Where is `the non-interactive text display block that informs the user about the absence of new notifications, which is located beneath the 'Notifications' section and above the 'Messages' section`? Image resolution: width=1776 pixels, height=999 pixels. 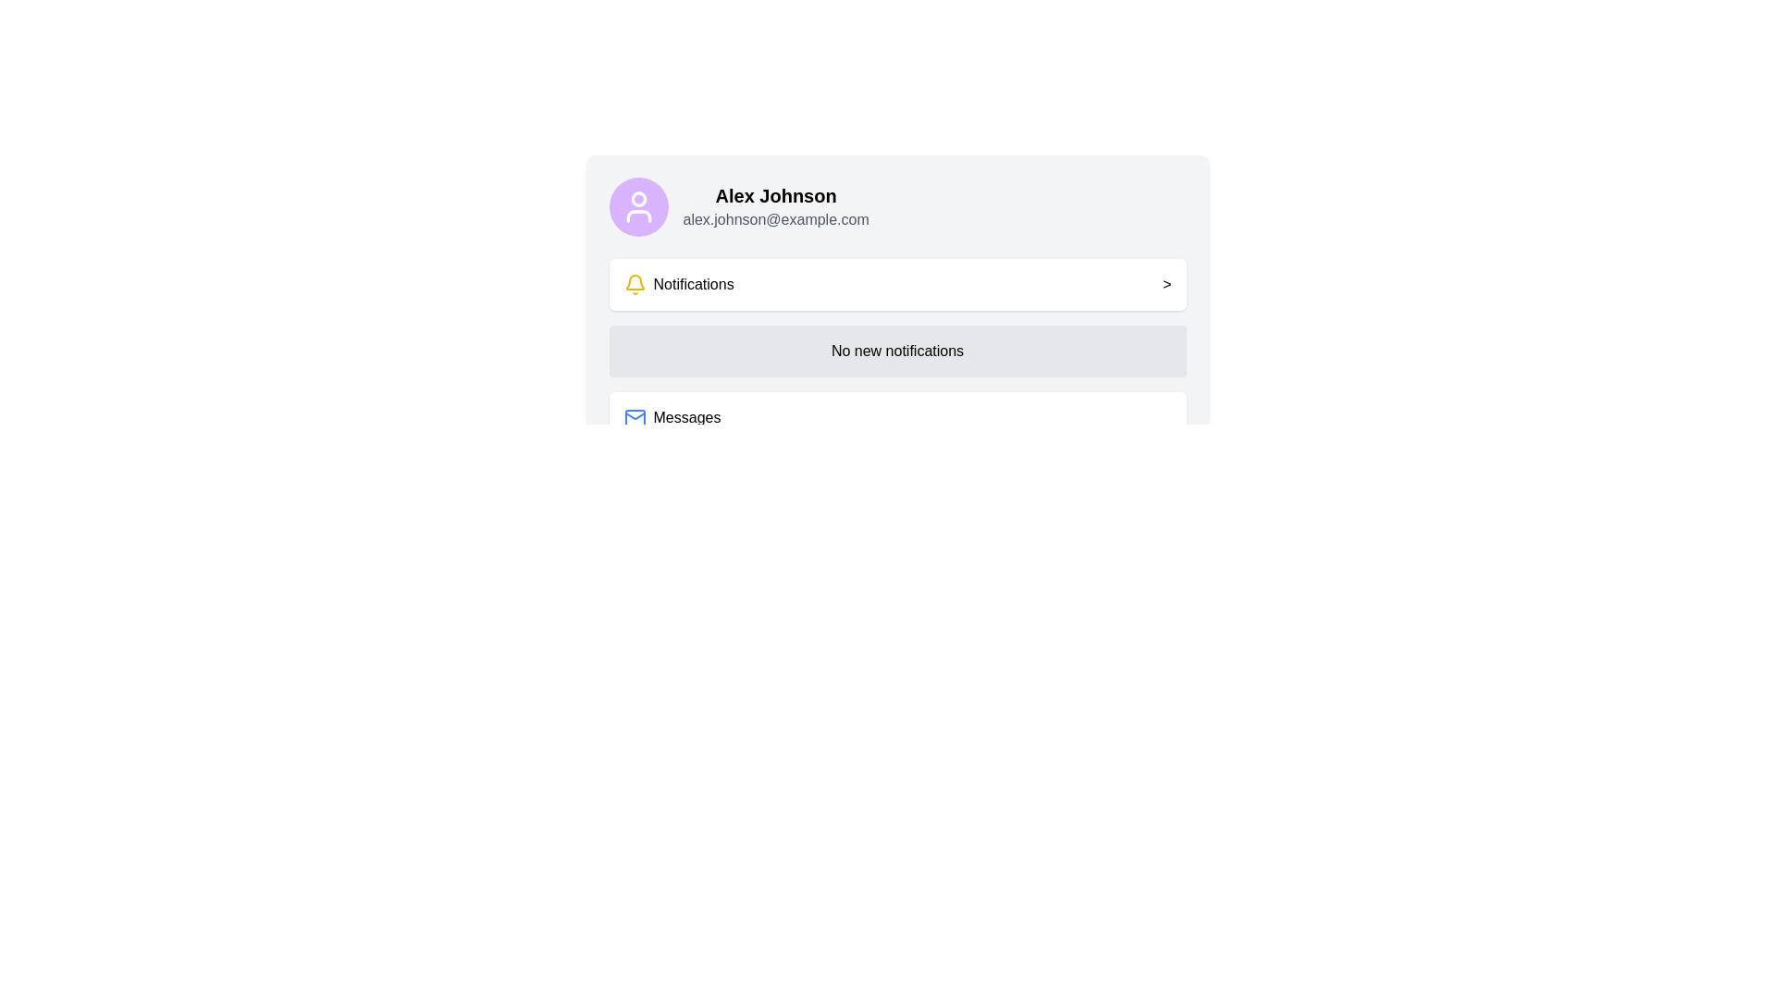
the non-interactive text display block that informs the user about the absence of new notifications, which is located beneath the 'Notifications' section and above the 'Messages' section is located at coordinates (897, 351).